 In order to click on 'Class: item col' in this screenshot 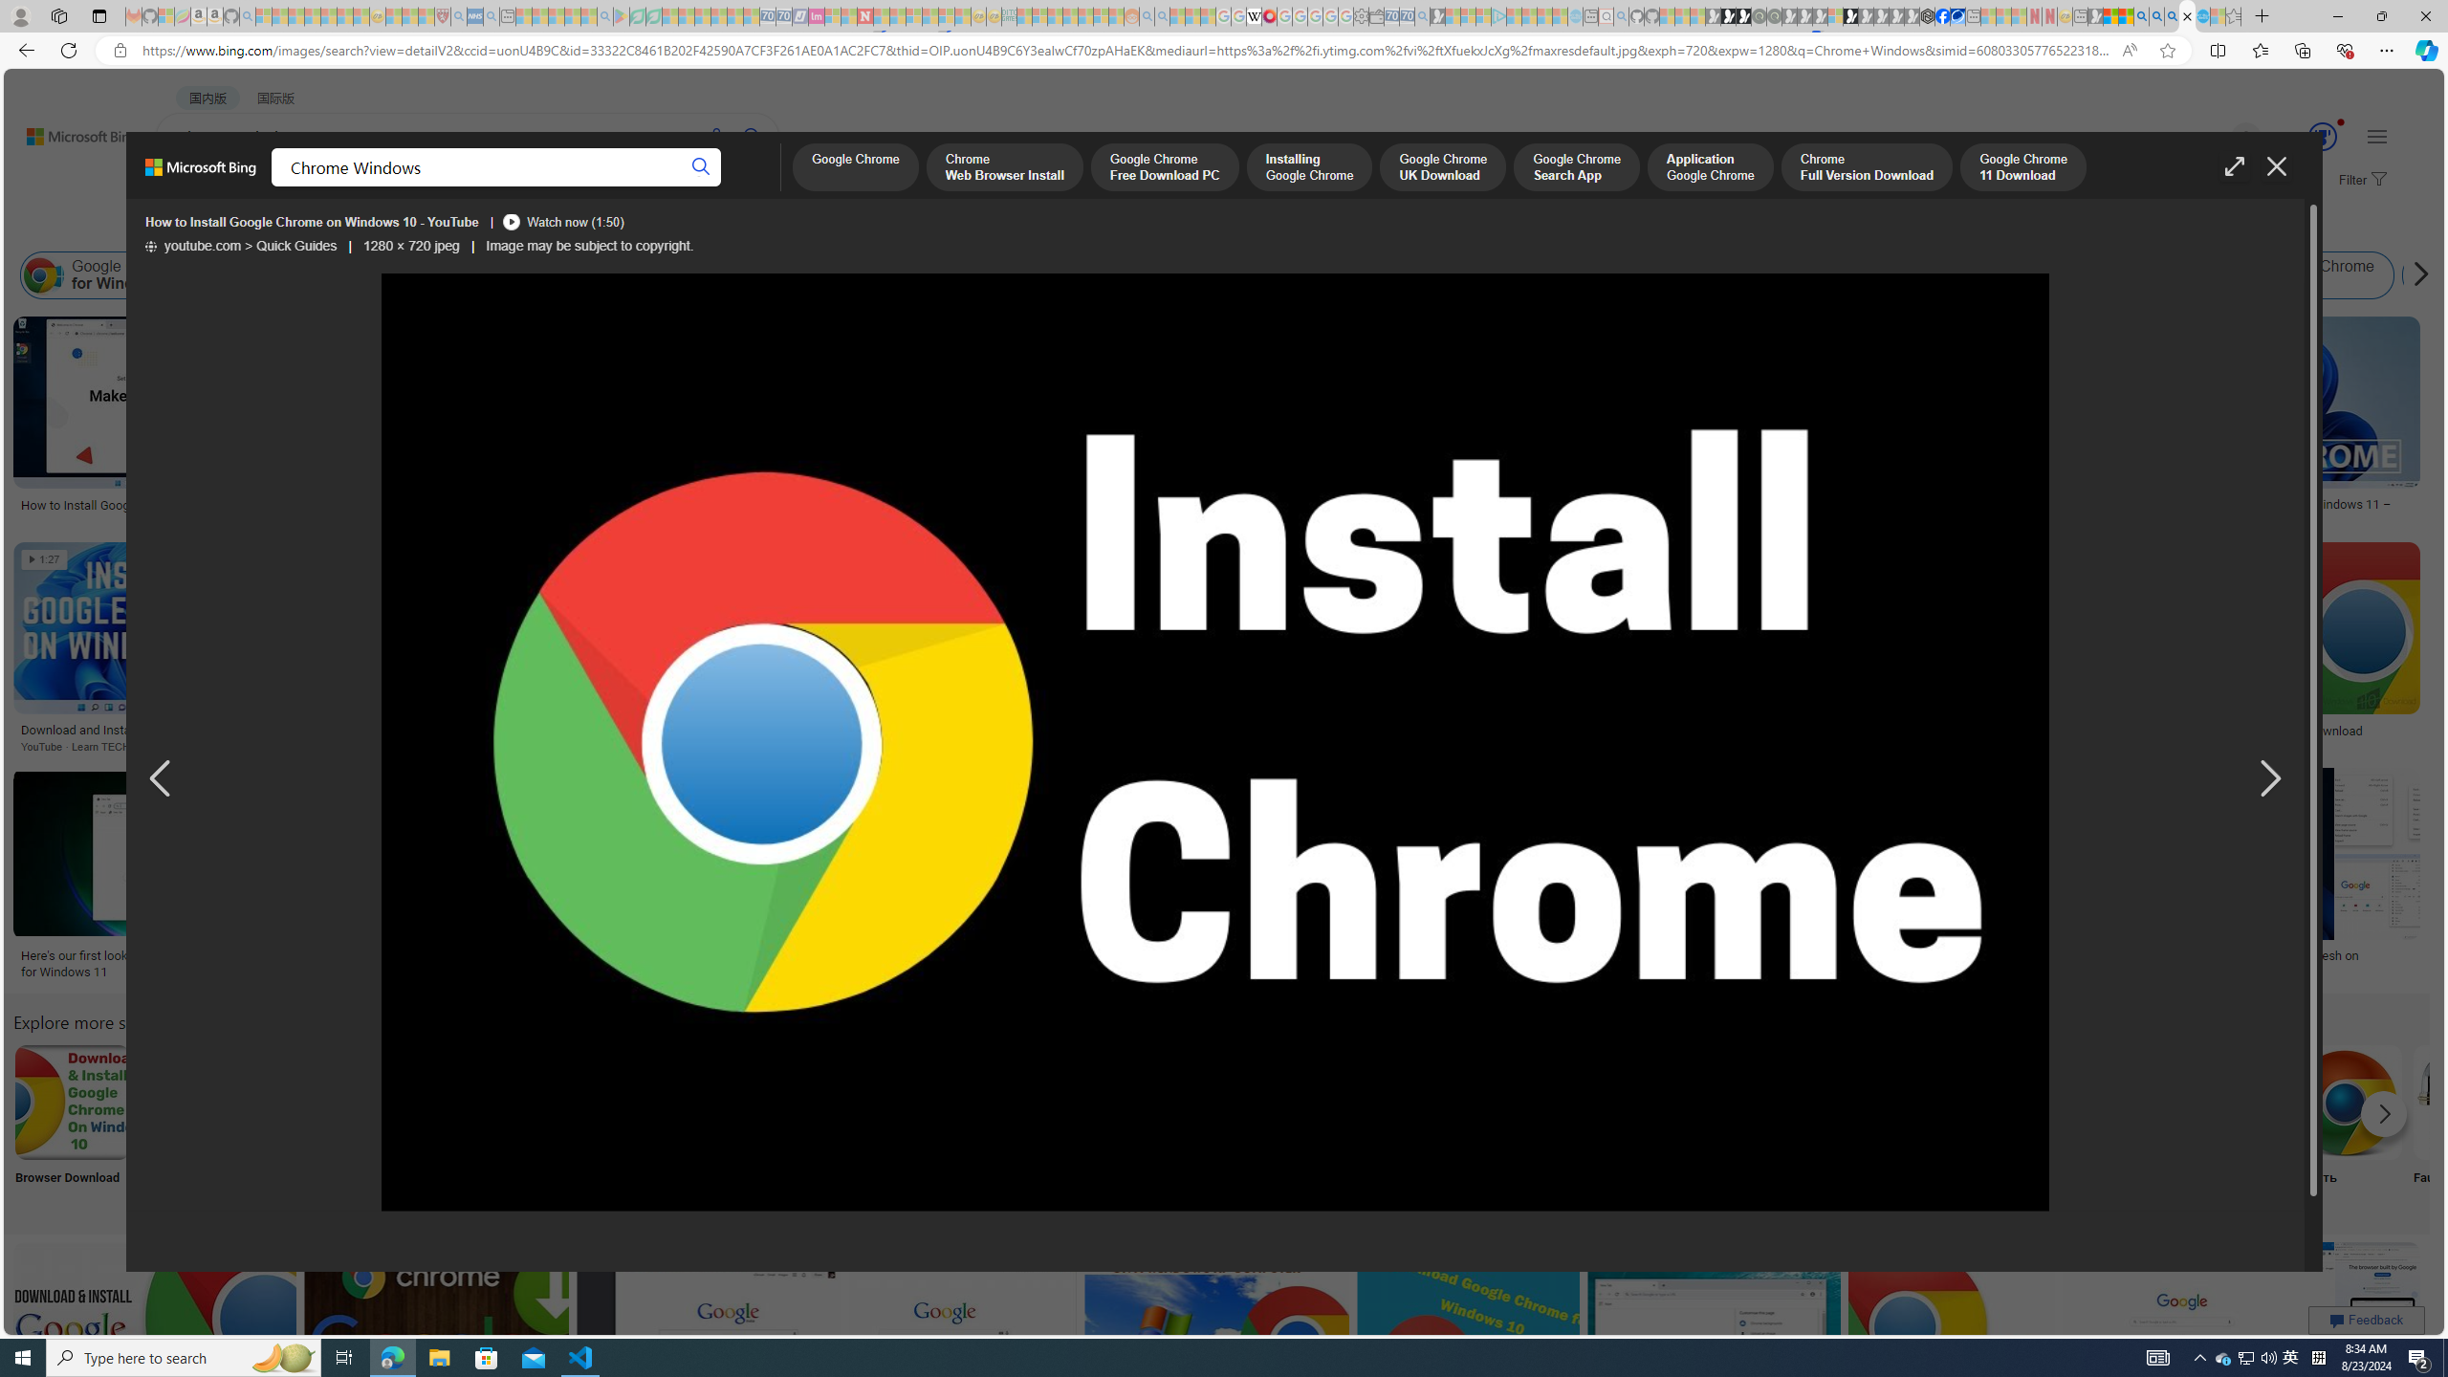, I will do `click(2448, 274)`.